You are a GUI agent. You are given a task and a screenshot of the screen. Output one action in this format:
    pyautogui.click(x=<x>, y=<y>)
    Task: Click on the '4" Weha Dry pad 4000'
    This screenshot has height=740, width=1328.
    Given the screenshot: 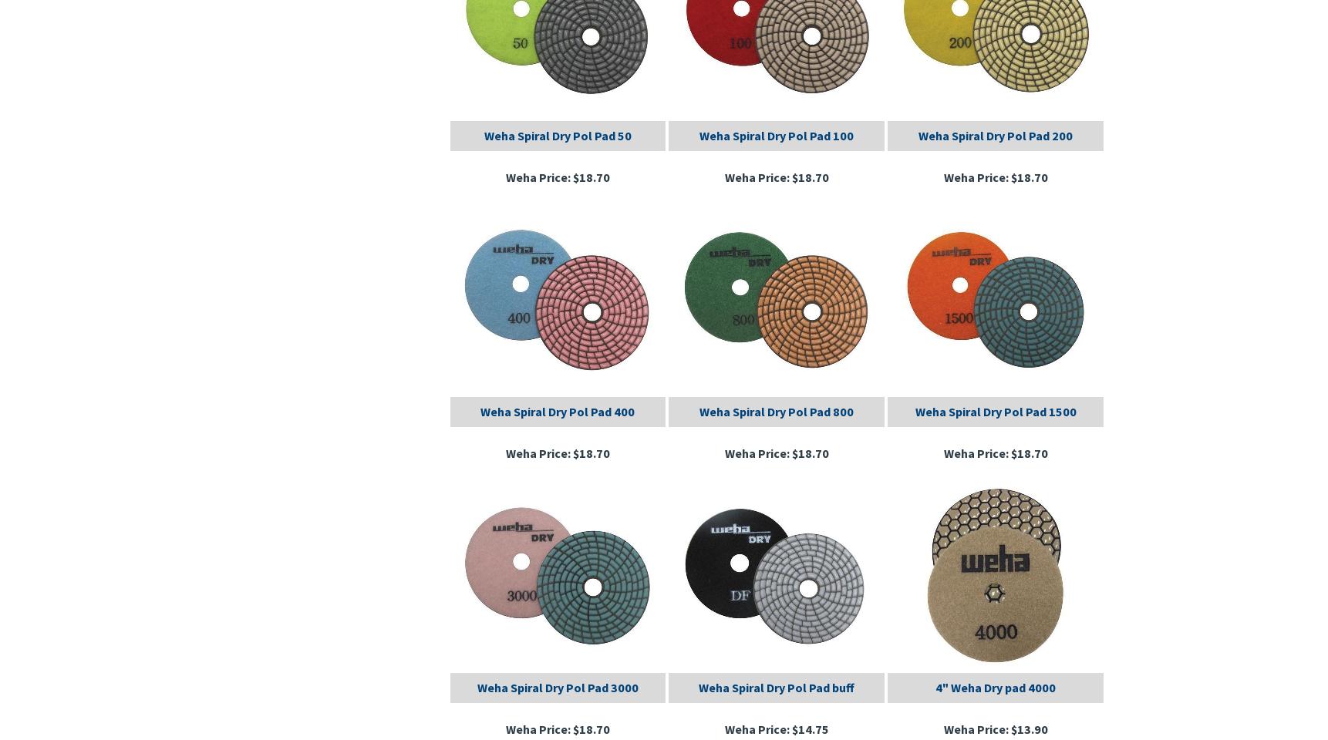 What is the action you would take?
    pyautogui.click(x=995, y=685)
    